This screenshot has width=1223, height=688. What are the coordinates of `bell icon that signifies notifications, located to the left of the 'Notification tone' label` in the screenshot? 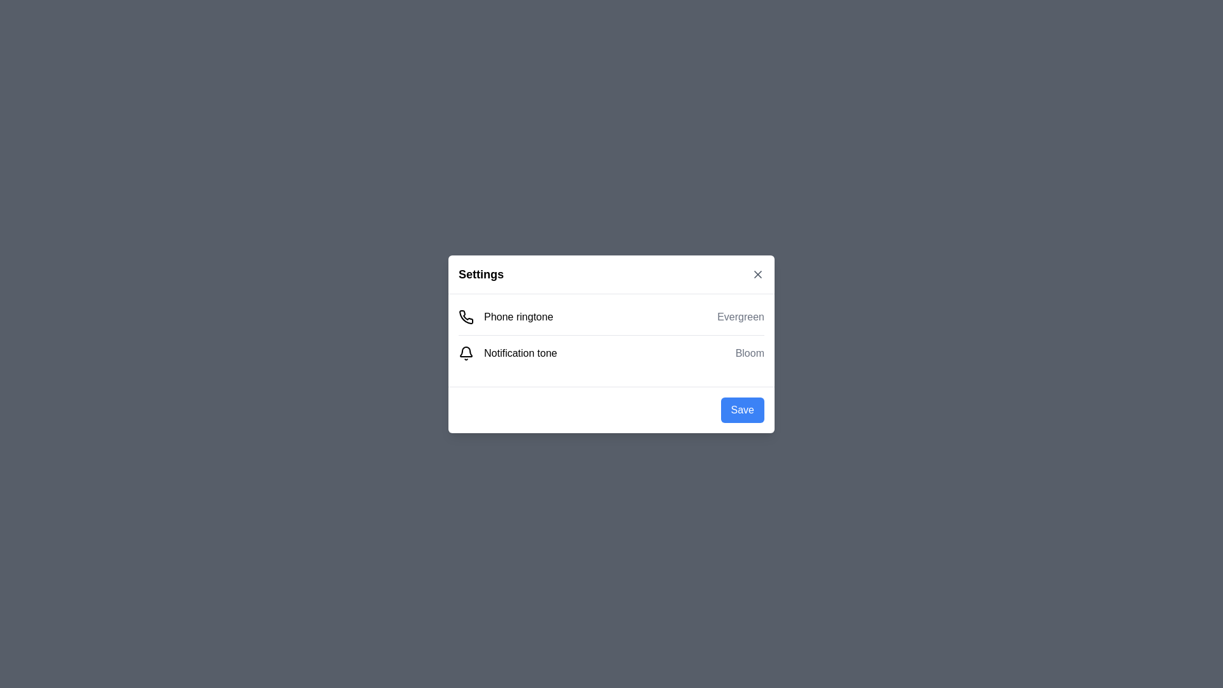 It's located at (465, 353).